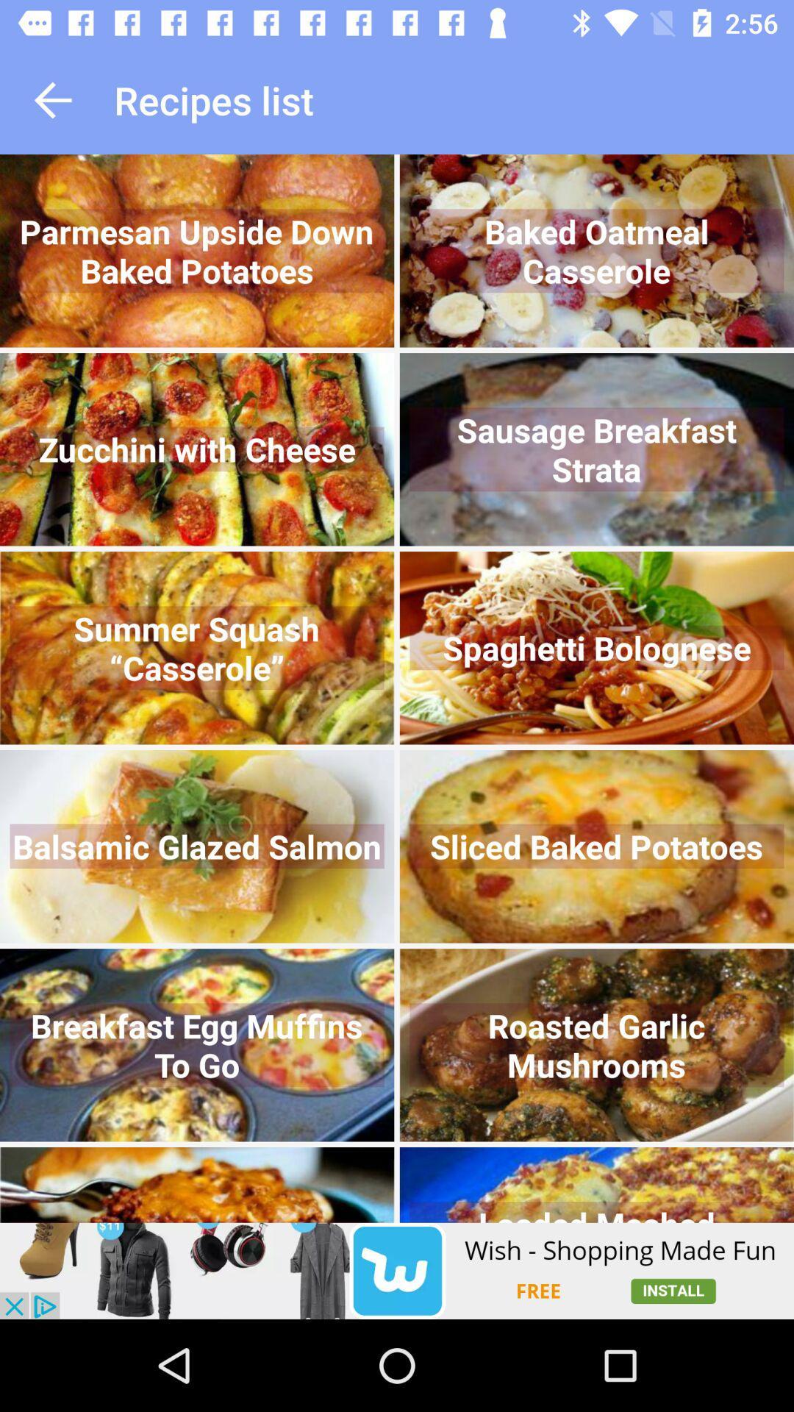 This screenshot has height=1412, width=794. What do you see at coordinates (52, 99) in the screenshot?
I see `it is go to previous page` at bounding box center [52, 99].